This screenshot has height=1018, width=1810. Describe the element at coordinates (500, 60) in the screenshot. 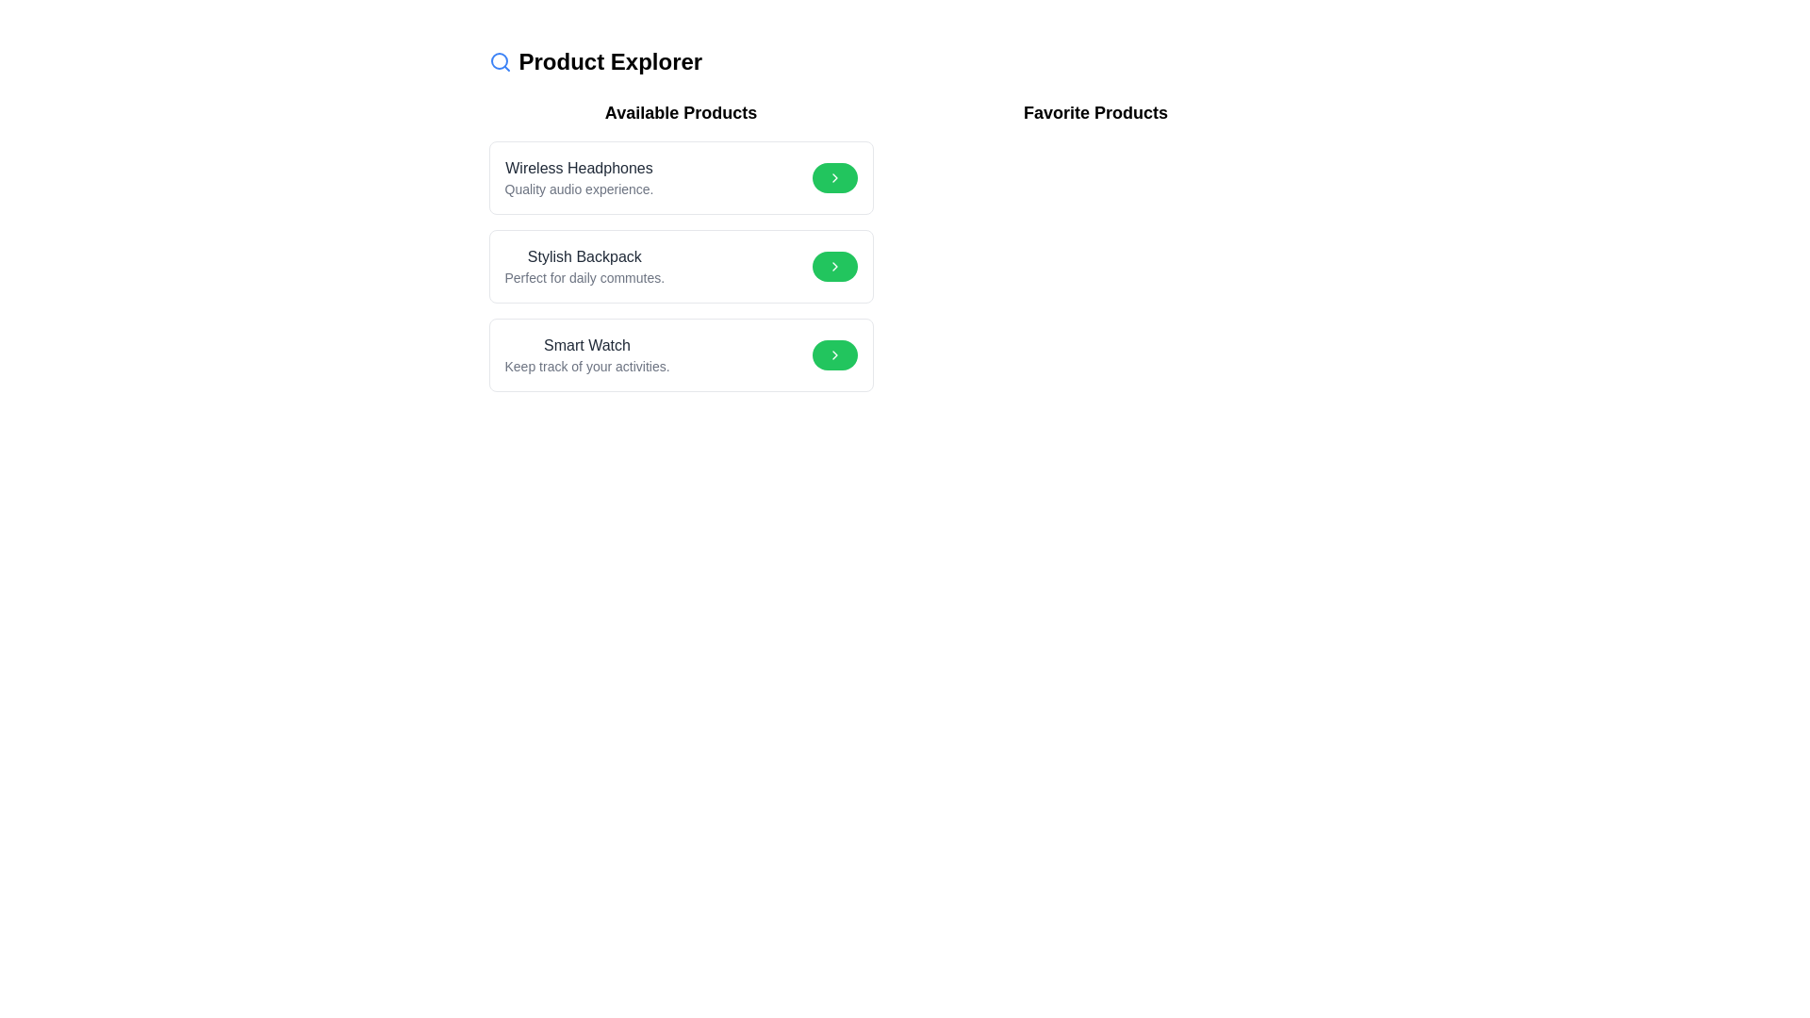

I see `the magnifying glass icon representing the 'search' functionality, located to the left of the 'Product Explorer' heading` at that location.